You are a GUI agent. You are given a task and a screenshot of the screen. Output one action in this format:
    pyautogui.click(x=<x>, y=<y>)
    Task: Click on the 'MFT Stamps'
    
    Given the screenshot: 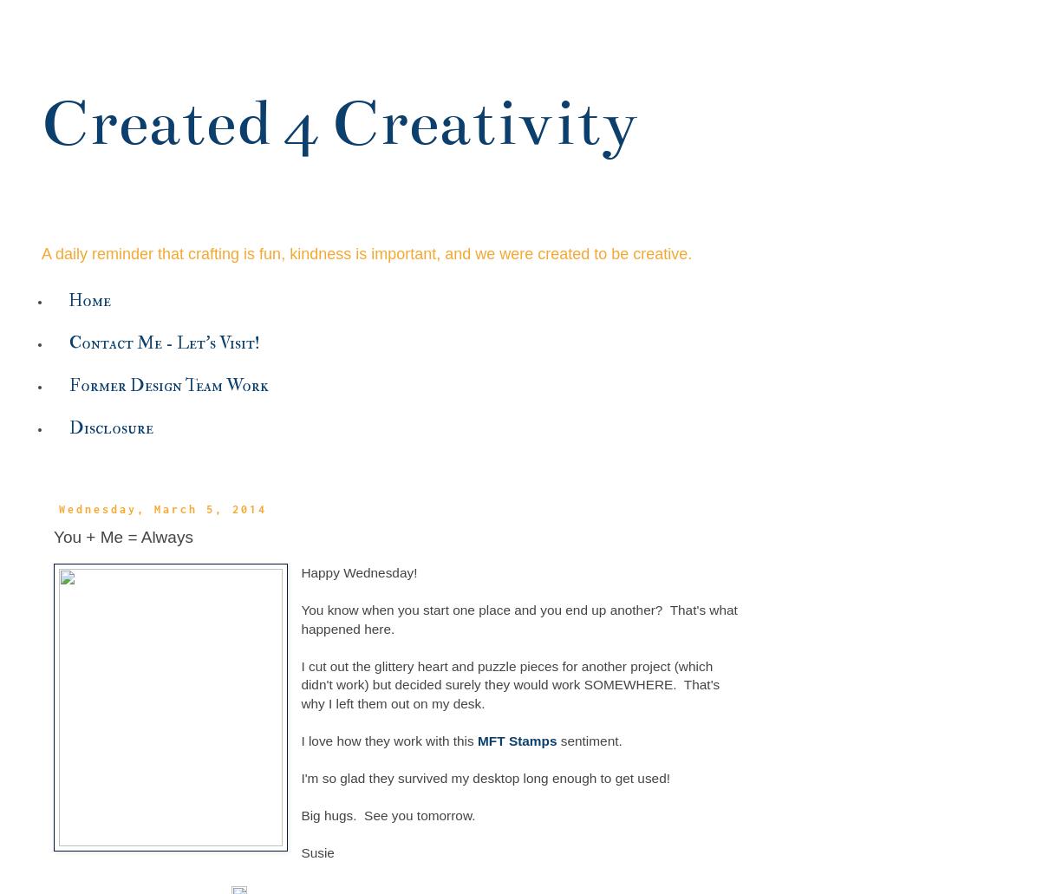 What is the action you would take?
    pyautogui.click(x=518, y=741)
    